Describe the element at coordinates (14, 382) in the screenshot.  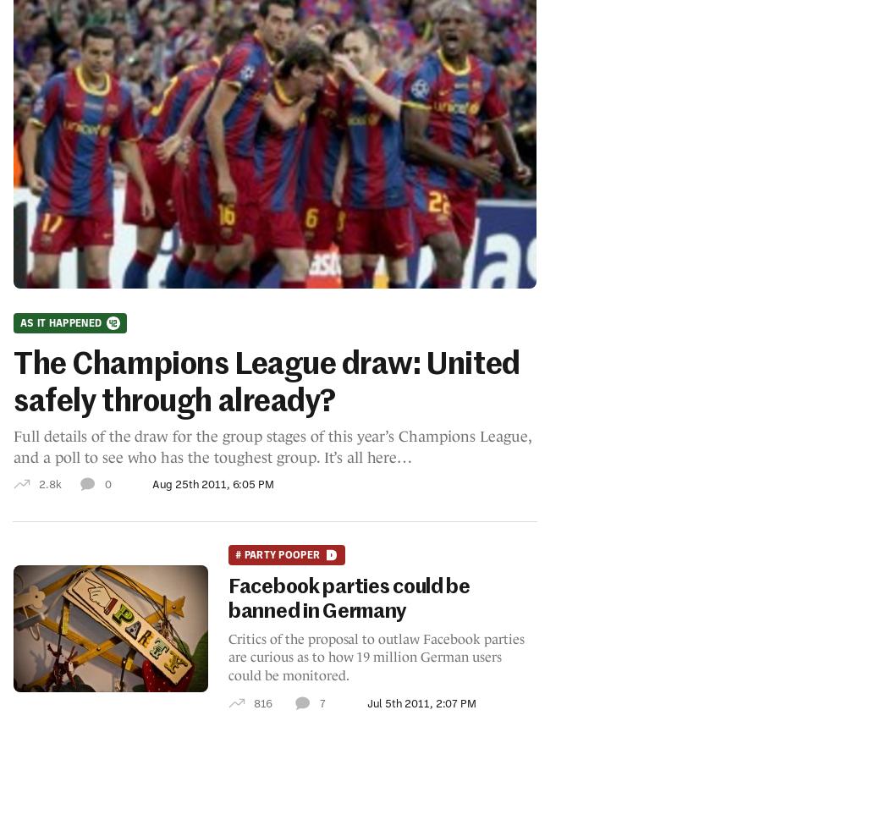
I see `'The Champions League draw: United safely through already?'` at that location.